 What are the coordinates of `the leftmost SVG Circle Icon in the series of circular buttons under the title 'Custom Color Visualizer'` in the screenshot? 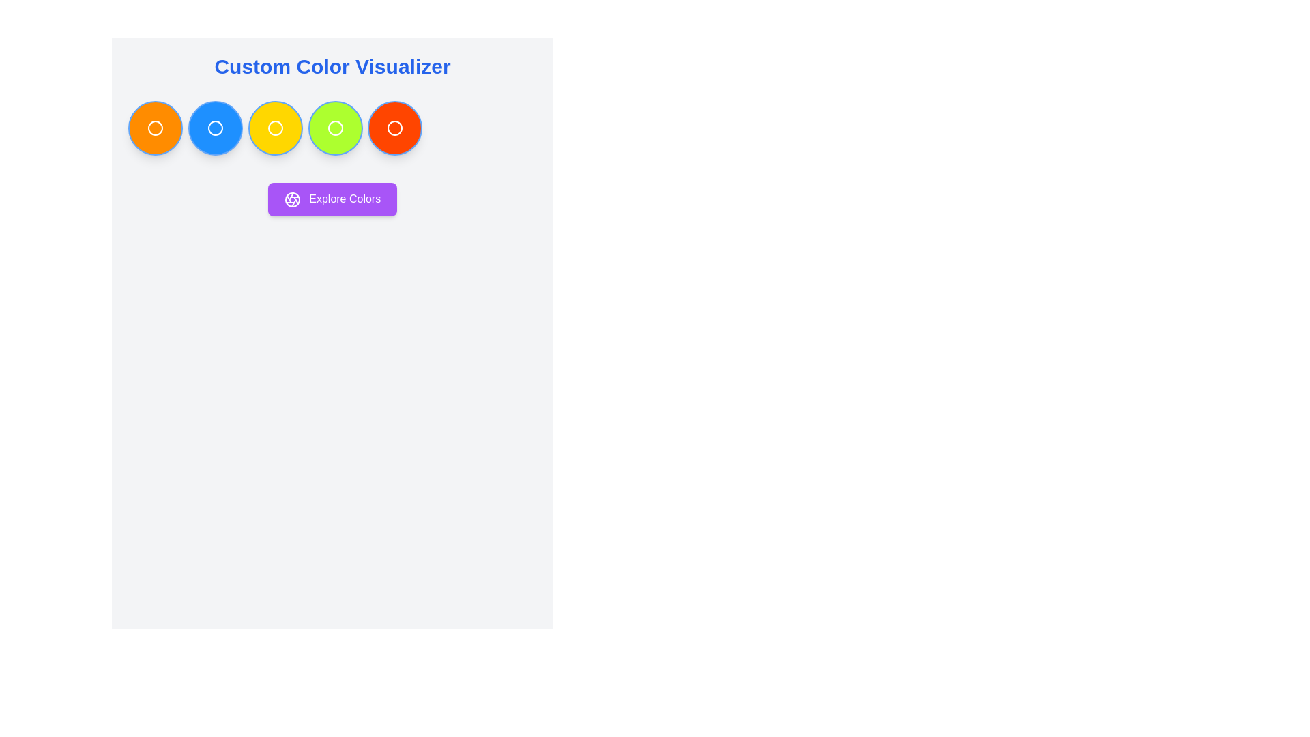 It's located at (155, 128).